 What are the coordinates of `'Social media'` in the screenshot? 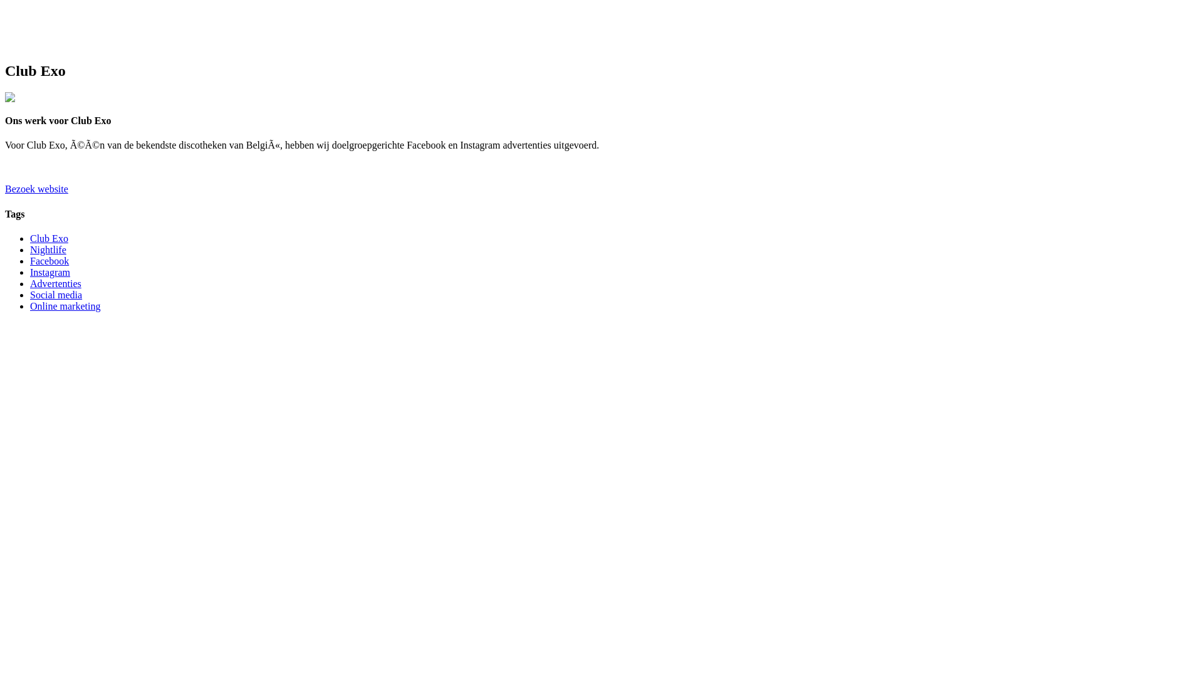 It's located at (55, 295).